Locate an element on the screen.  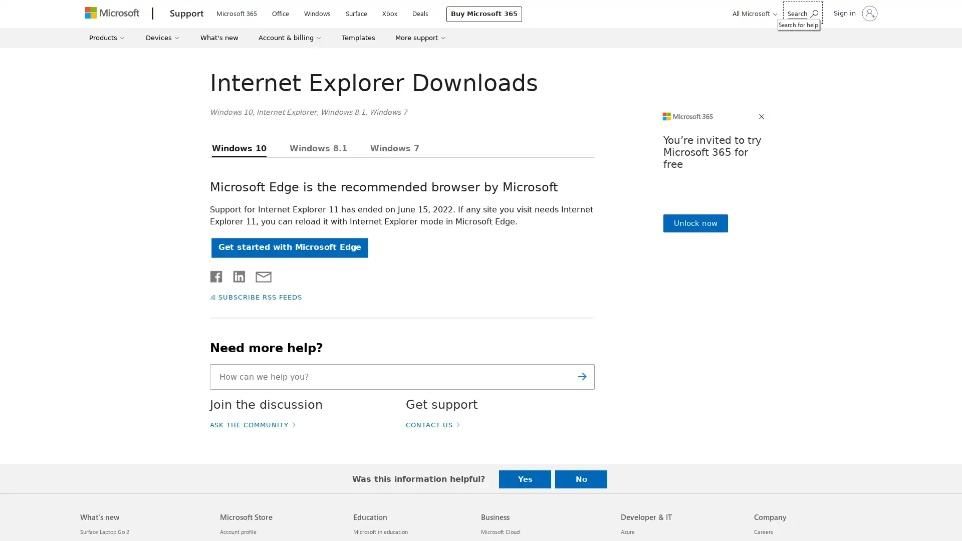
Search is located at coordinates (582, 377).